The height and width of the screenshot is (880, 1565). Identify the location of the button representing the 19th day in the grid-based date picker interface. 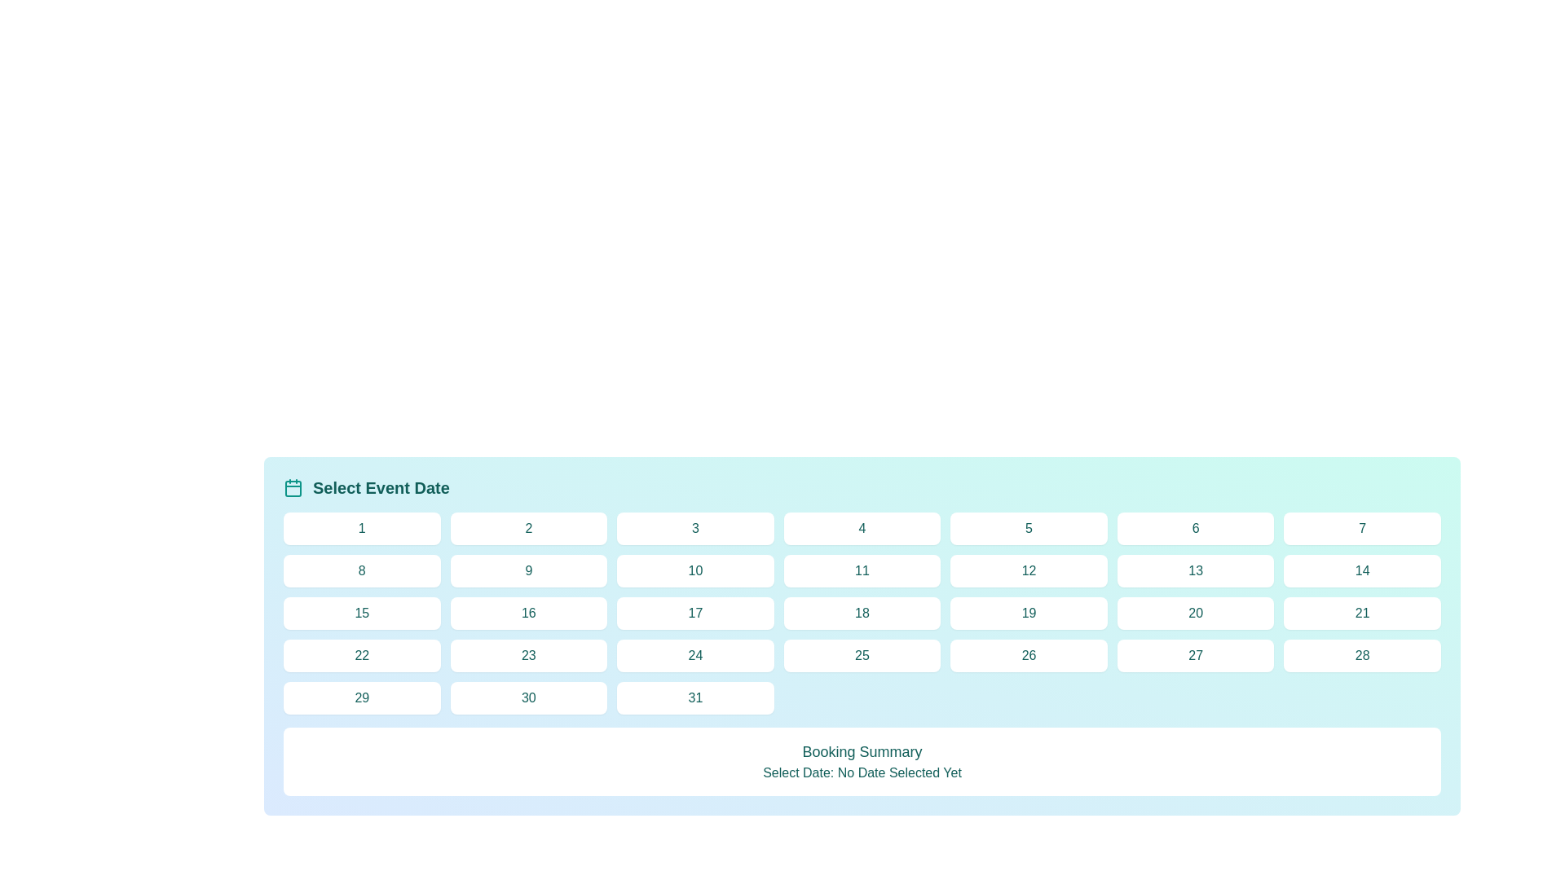
(1028, 613).